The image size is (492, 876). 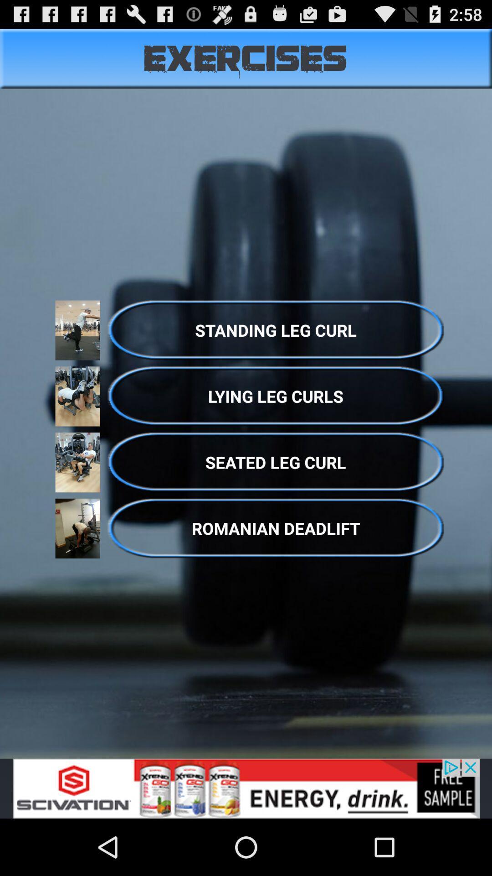 What do you see at coordinates (246, 788) in the screenshot?
I see `open advertisement` at bounding box center [246, 788].